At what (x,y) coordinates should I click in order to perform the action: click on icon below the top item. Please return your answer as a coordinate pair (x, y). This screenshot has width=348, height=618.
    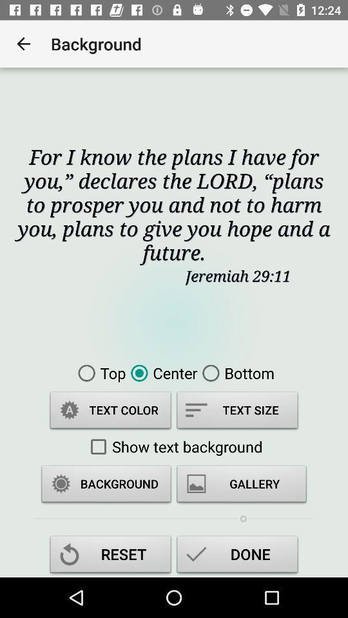
    Looking at the image, I should click on (110, 411).